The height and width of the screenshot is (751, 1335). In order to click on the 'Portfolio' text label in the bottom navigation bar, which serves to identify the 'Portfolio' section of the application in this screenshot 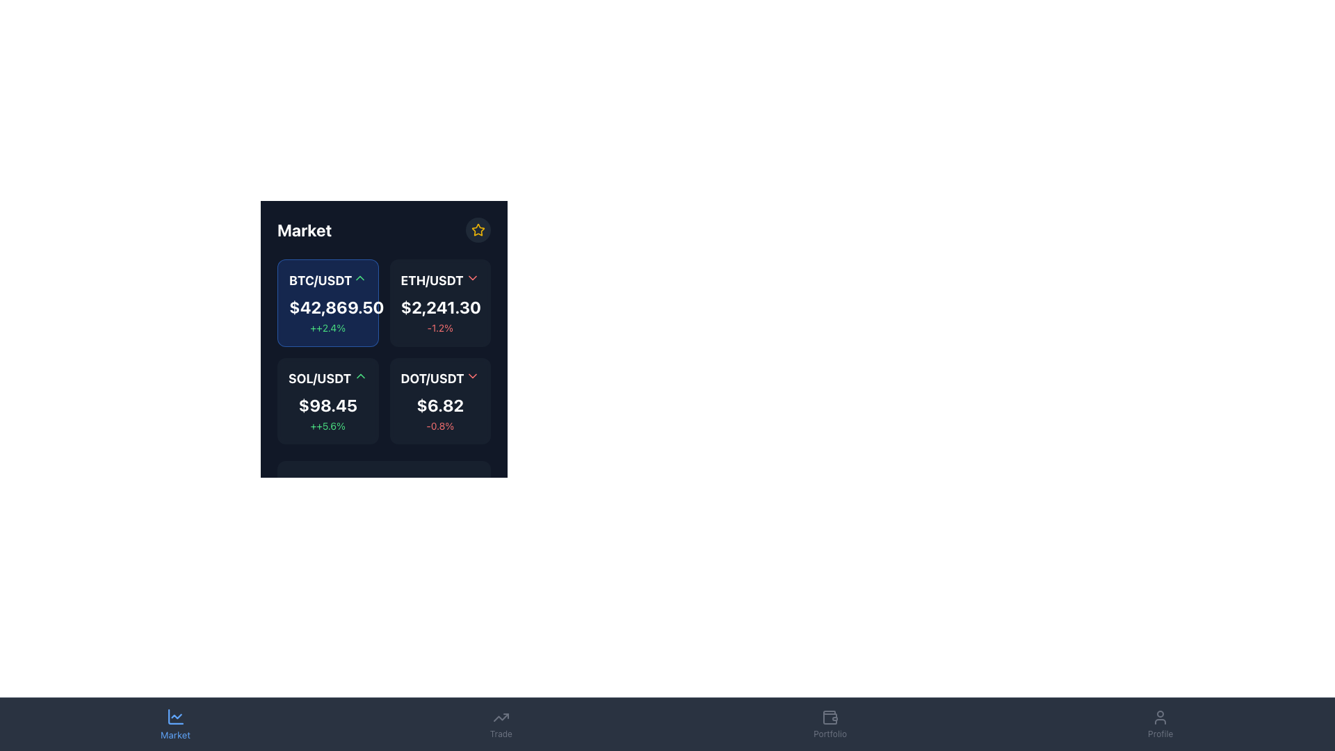, I will do `click(830, 734)`.